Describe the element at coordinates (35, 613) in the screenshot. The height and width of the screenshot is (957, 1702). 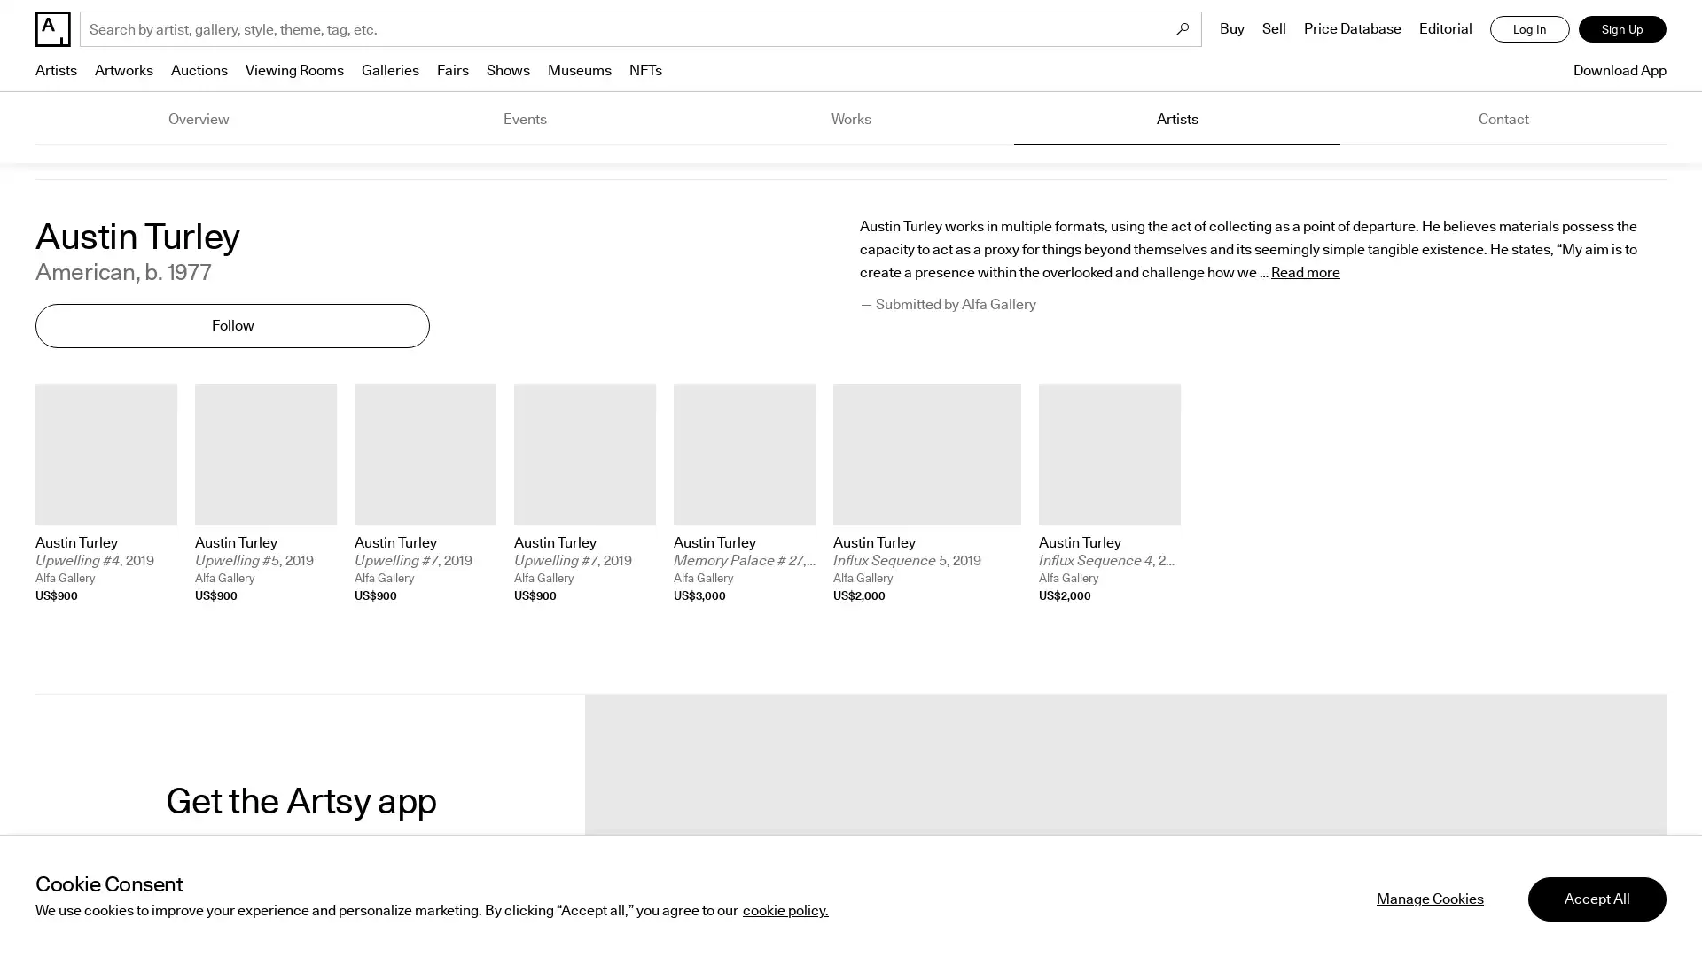
I see `Skip to beginning of content` at that location.